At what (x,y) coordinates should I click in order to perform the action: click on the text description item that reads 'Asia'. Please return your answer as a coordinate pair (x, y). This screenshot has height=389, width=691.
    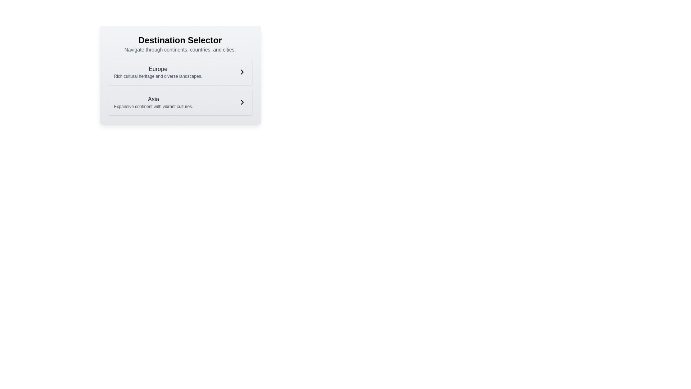
    Looking at the image, I should click on (153, 102).